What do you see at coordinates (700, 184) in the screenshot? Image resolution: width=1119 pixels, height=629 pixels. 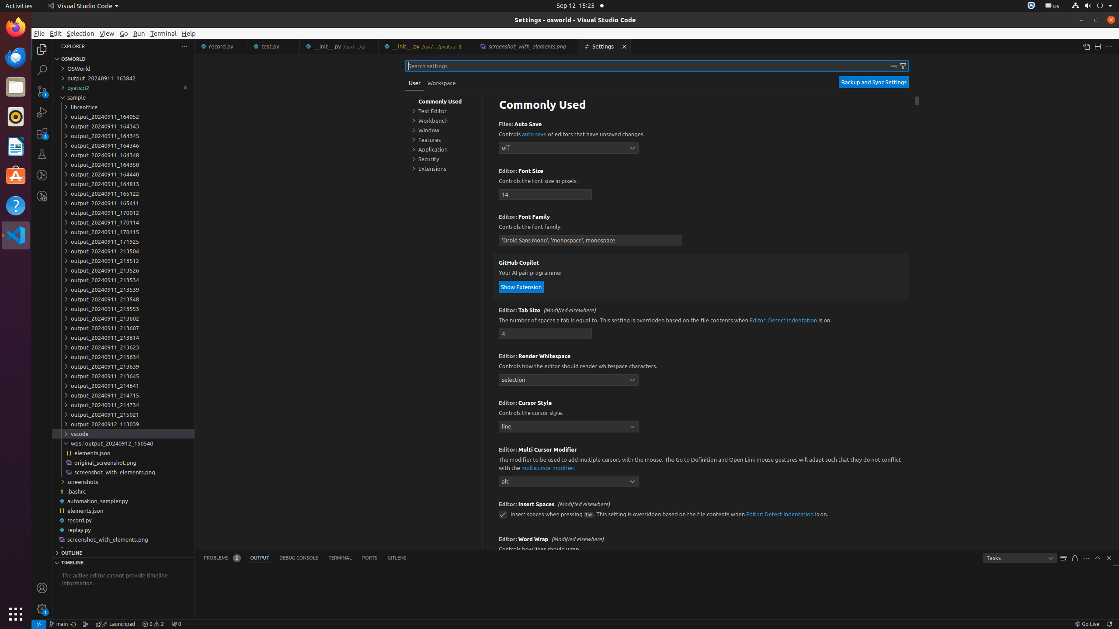 I see `'Editor Font Size. Controls the font size in pixels. '` at bounding box center [700, 184].